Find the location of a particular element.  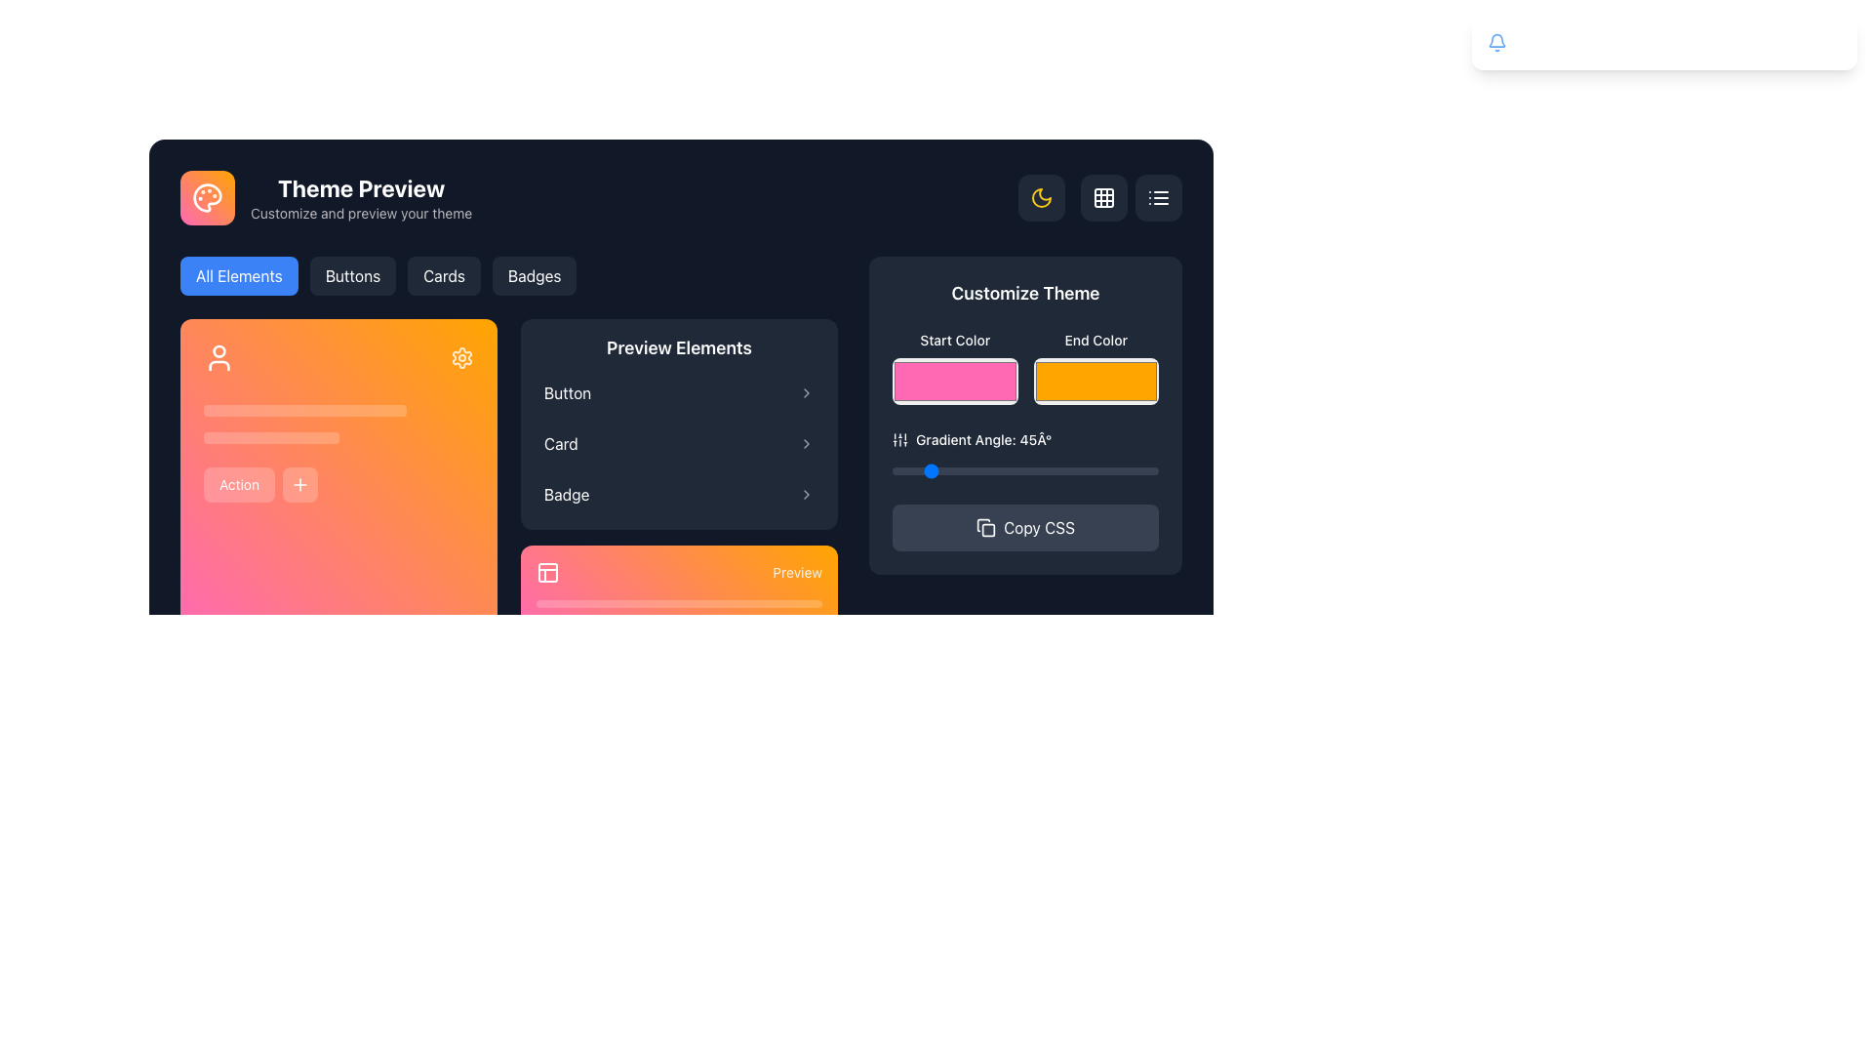

the slider value is located at coordinates (934, 470).